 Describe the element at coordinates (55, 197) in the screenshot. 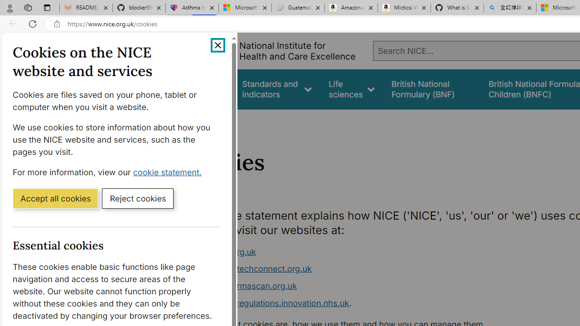

I see `'Accept all cookies'` at that location.